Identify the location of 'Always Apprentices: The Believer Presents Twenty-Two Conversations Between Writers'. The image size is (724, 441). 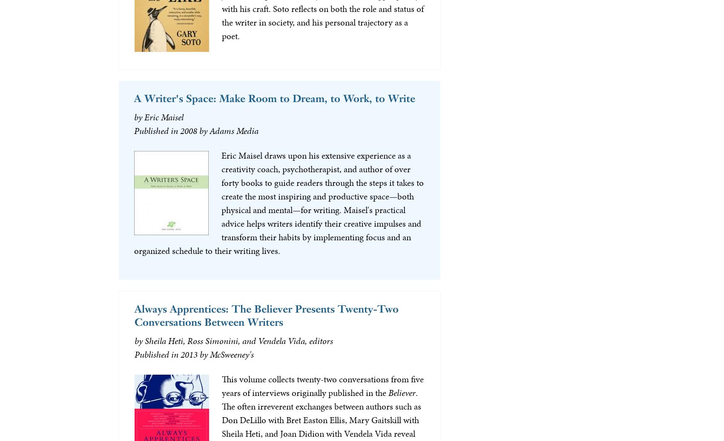
(265, 315).